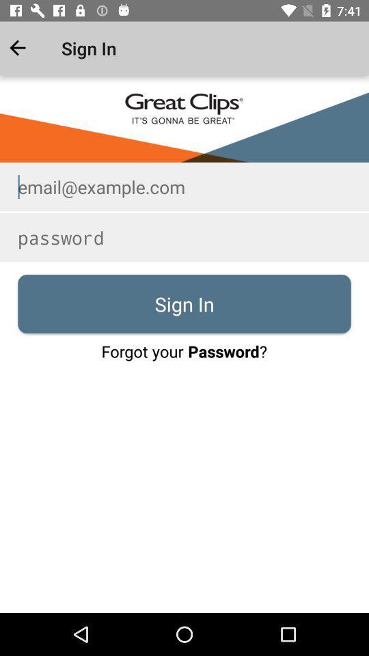 The height and width of the screenshot is (656, 369). I want to click on password, so click(184, 237).